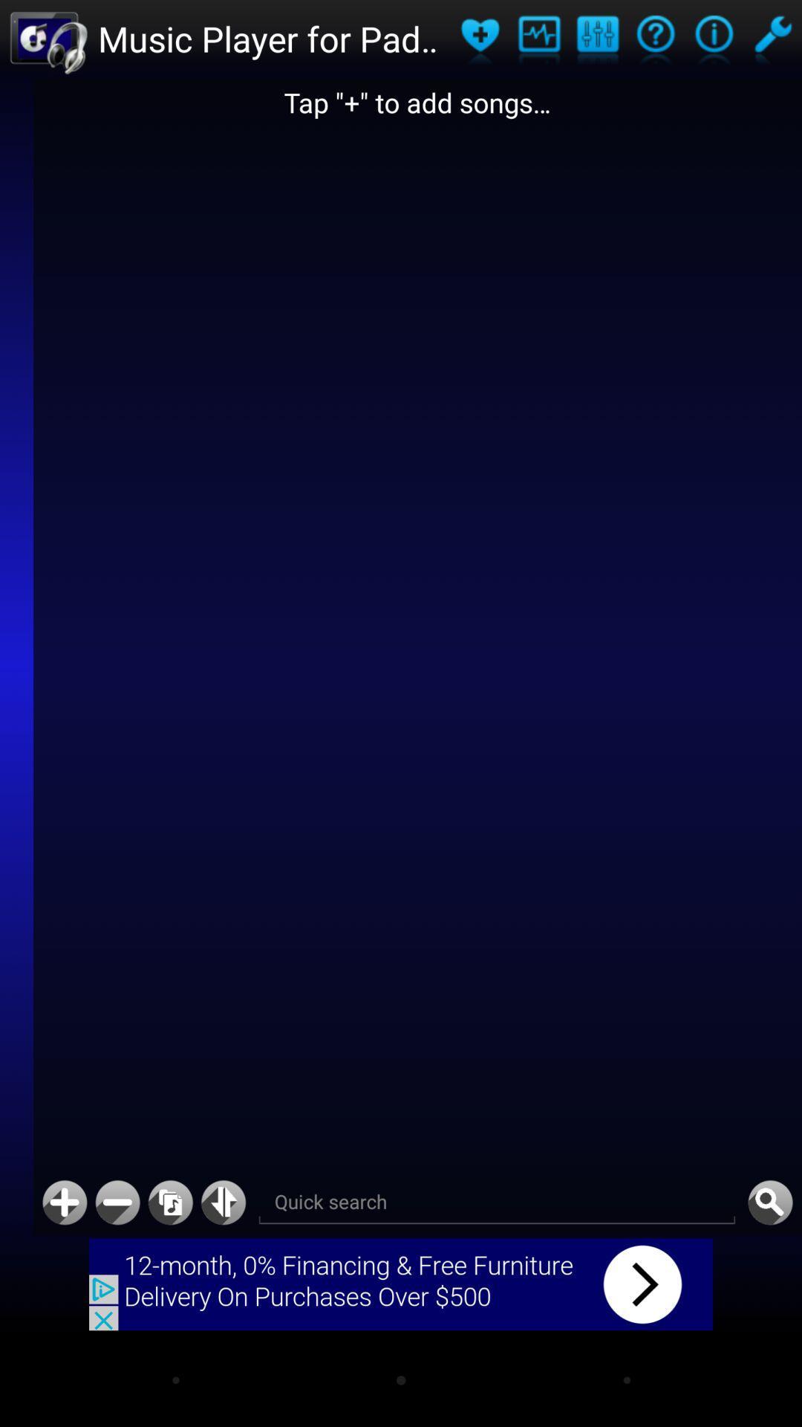  I want to click on return, so click(169, 1203).